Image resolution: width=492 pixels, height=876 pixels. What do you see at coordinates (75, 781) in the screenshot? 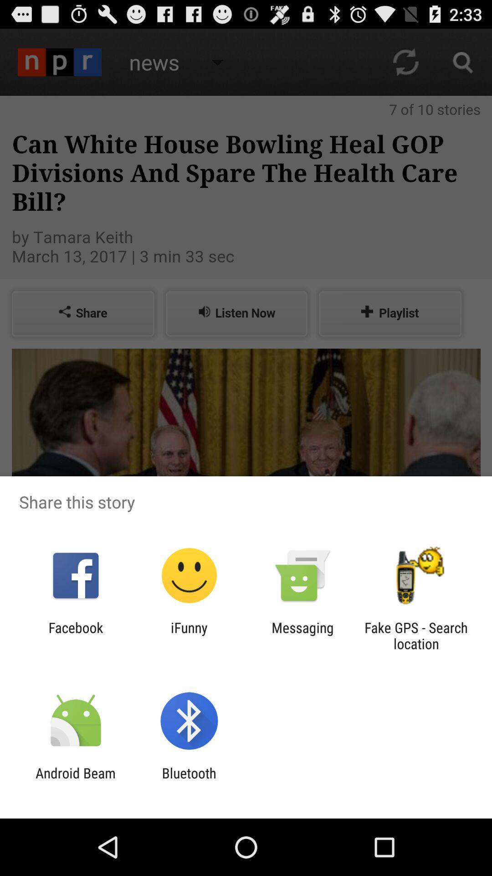
I see `the icon to the left of the bluetooth` at bounding box center [75, 781].